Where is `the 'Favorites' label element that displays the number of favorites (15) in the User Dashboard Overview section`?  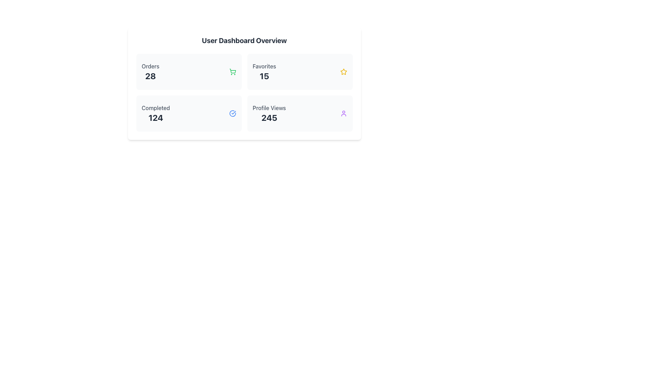
the 'Favorites' label element that displays the number of favorites (15) in the User Dashboard Overview section is located at coordinates (264, 72).